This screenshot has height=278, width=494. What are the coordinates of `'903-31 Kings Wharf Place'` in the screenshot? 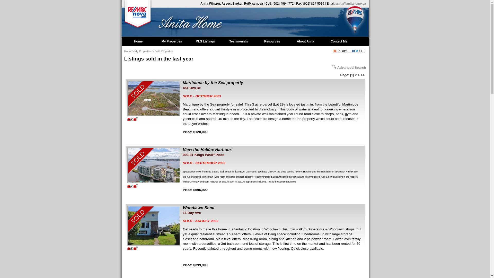 It's located at (203, 154).